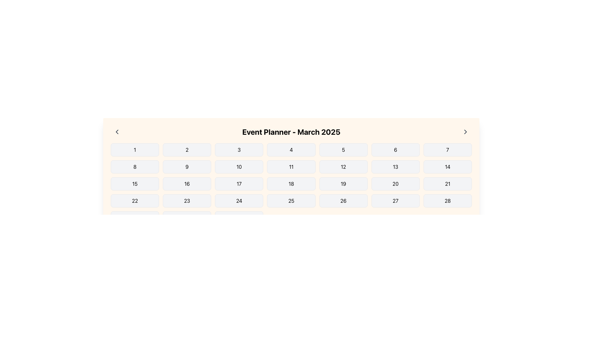  Describe the element at coordinates (117, 132) in the screenshot. I see `the left-facing chevron button in the top bar of the 'Event Planner - March 2025' section` at that location.